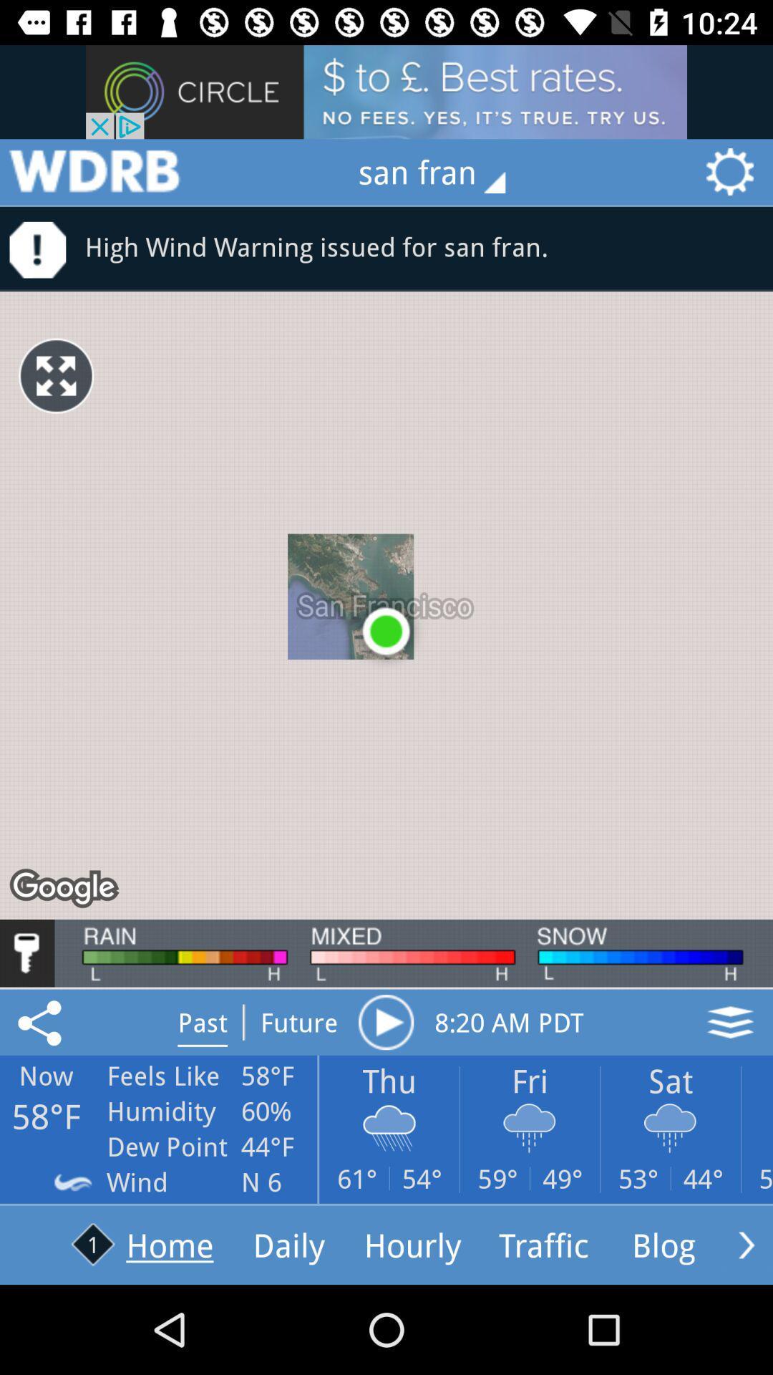  What do you see at coordinates (42, 1021) in the screenshot?
I see `the share icon` at bounding box center [42, 1021].